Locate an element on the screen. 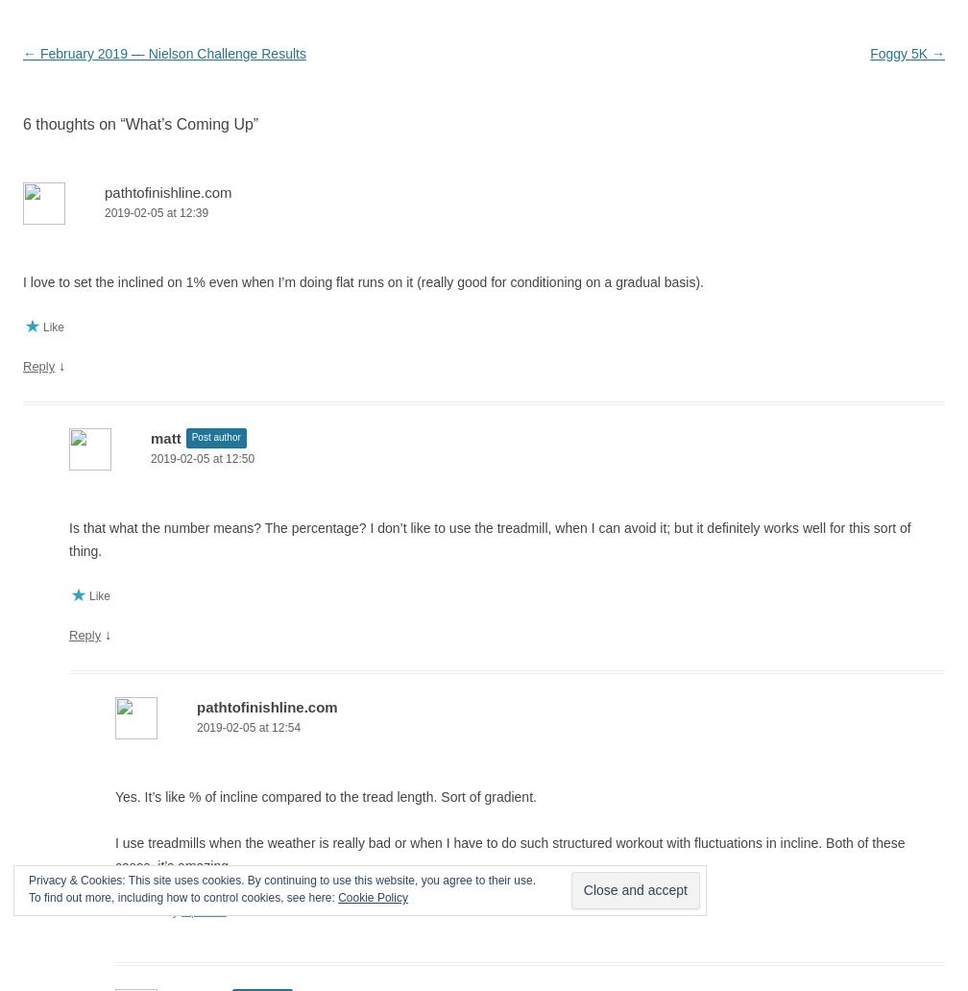  'I use treadmills when the weather is really bad or when I have to do such structured workout with fluctuations in incline. Both of these cases, it’s amazing.' is located at coordinates (510, 854).